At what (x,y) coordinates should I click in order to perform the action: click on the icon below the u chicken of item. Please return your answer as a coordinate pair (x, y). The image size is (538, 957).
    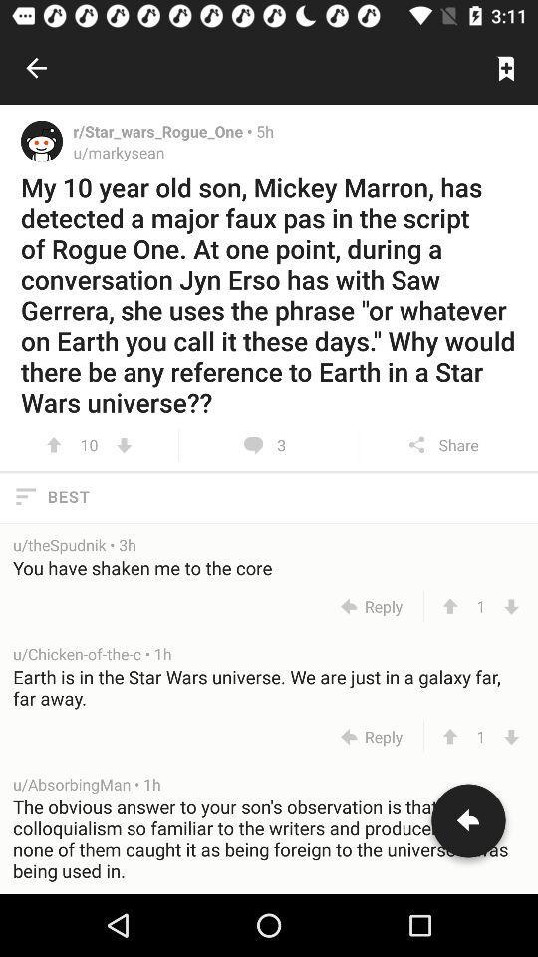
    Looking at the image, I should click on (269, 687).